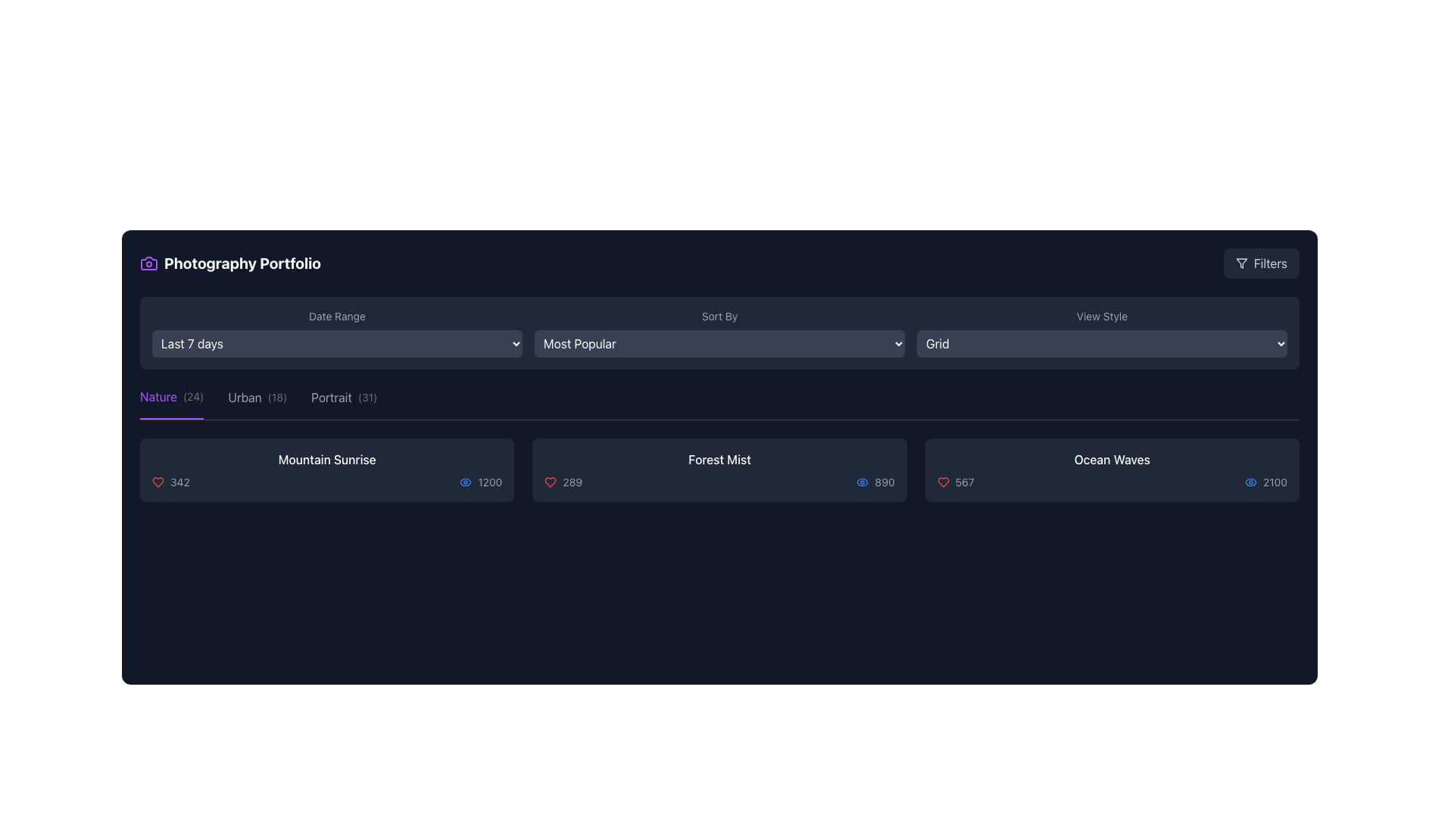 The width and height of the screenshot is (1454, 818). I want to click on numerical counter text associated with the red heart icon representing likes under the title 'Forest Mist' in the left part of the middle row of the grid layout, so click(563, 482).